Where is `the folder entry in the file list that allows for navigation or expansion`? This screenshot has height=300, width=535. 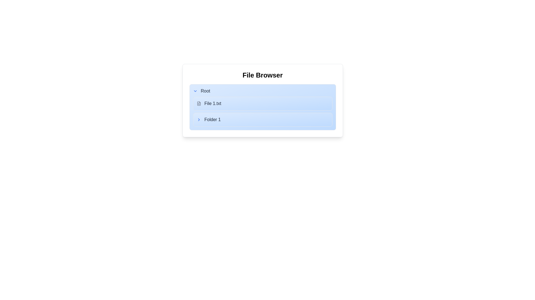
the folder entry in the file list that allows for navigation or expansion is located at coordinates (262, 119).